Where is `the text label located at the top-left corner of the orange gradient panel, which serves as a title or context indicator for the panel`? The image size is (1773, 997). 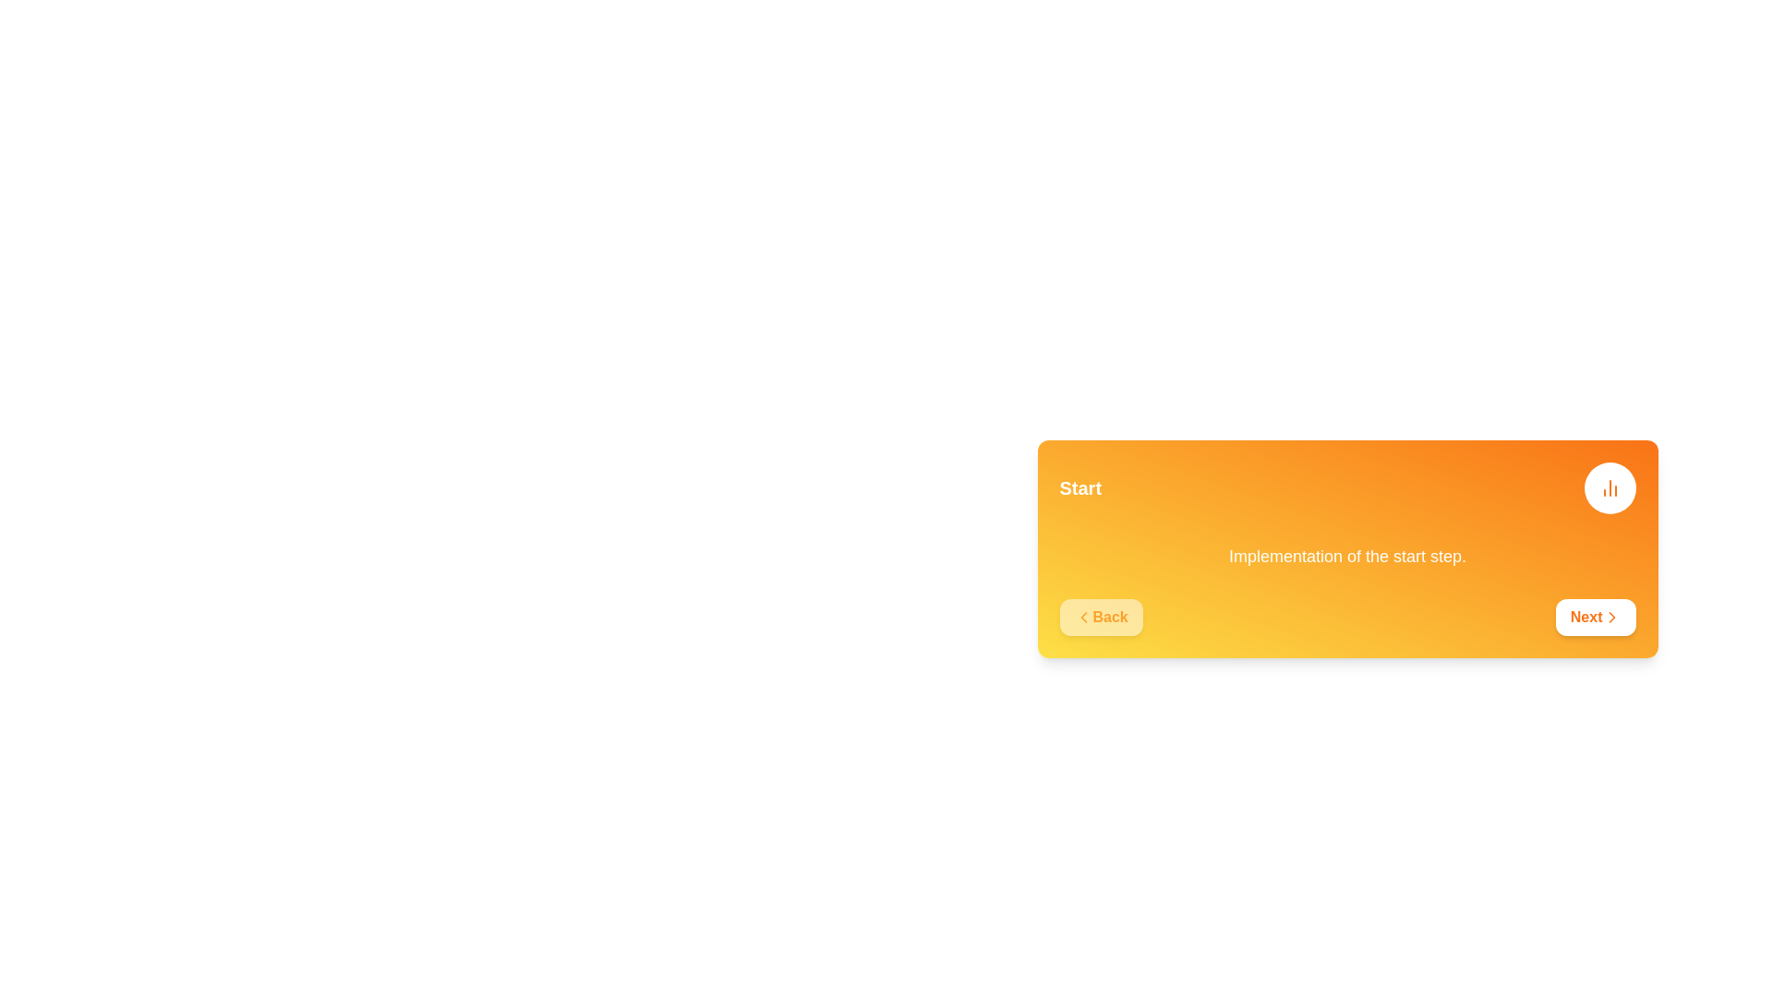 the text label located at the top-left corner of the orange gradient panel, which serves as a title or context indicator for the panel is located at coordinates (1080, 486).